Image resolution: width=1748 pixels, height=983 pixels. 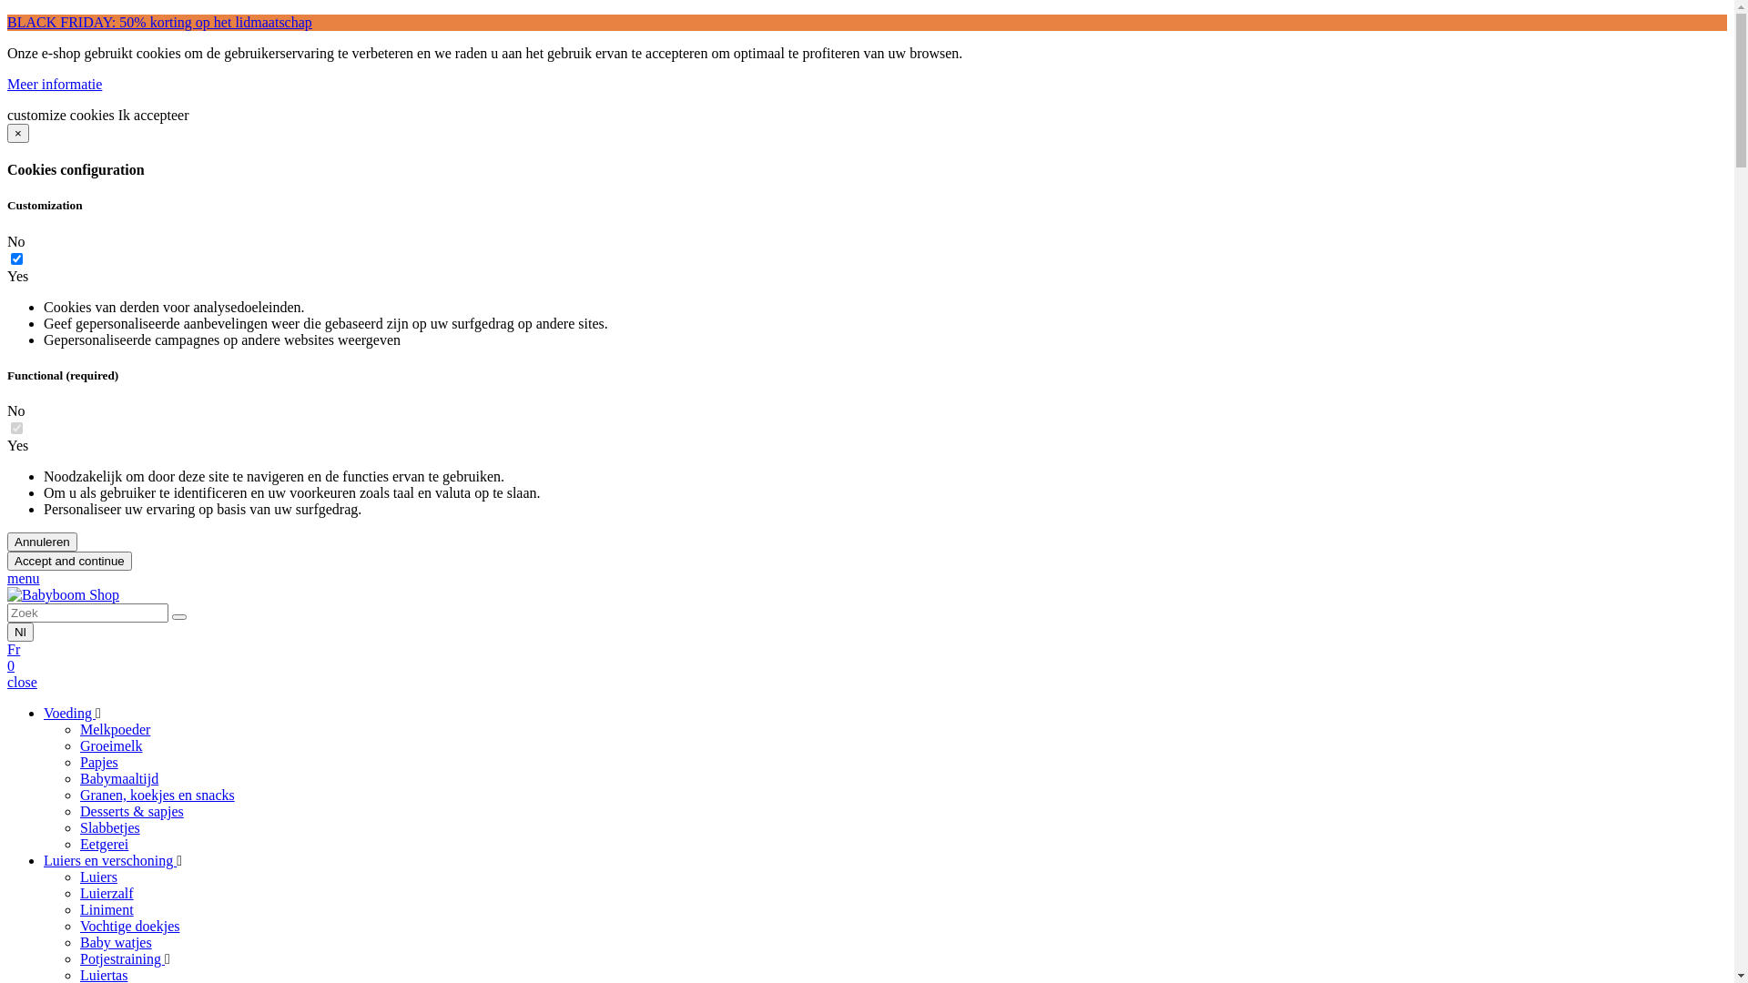 I want to click on 'Ik accepteer', so click(x=153, y=115).